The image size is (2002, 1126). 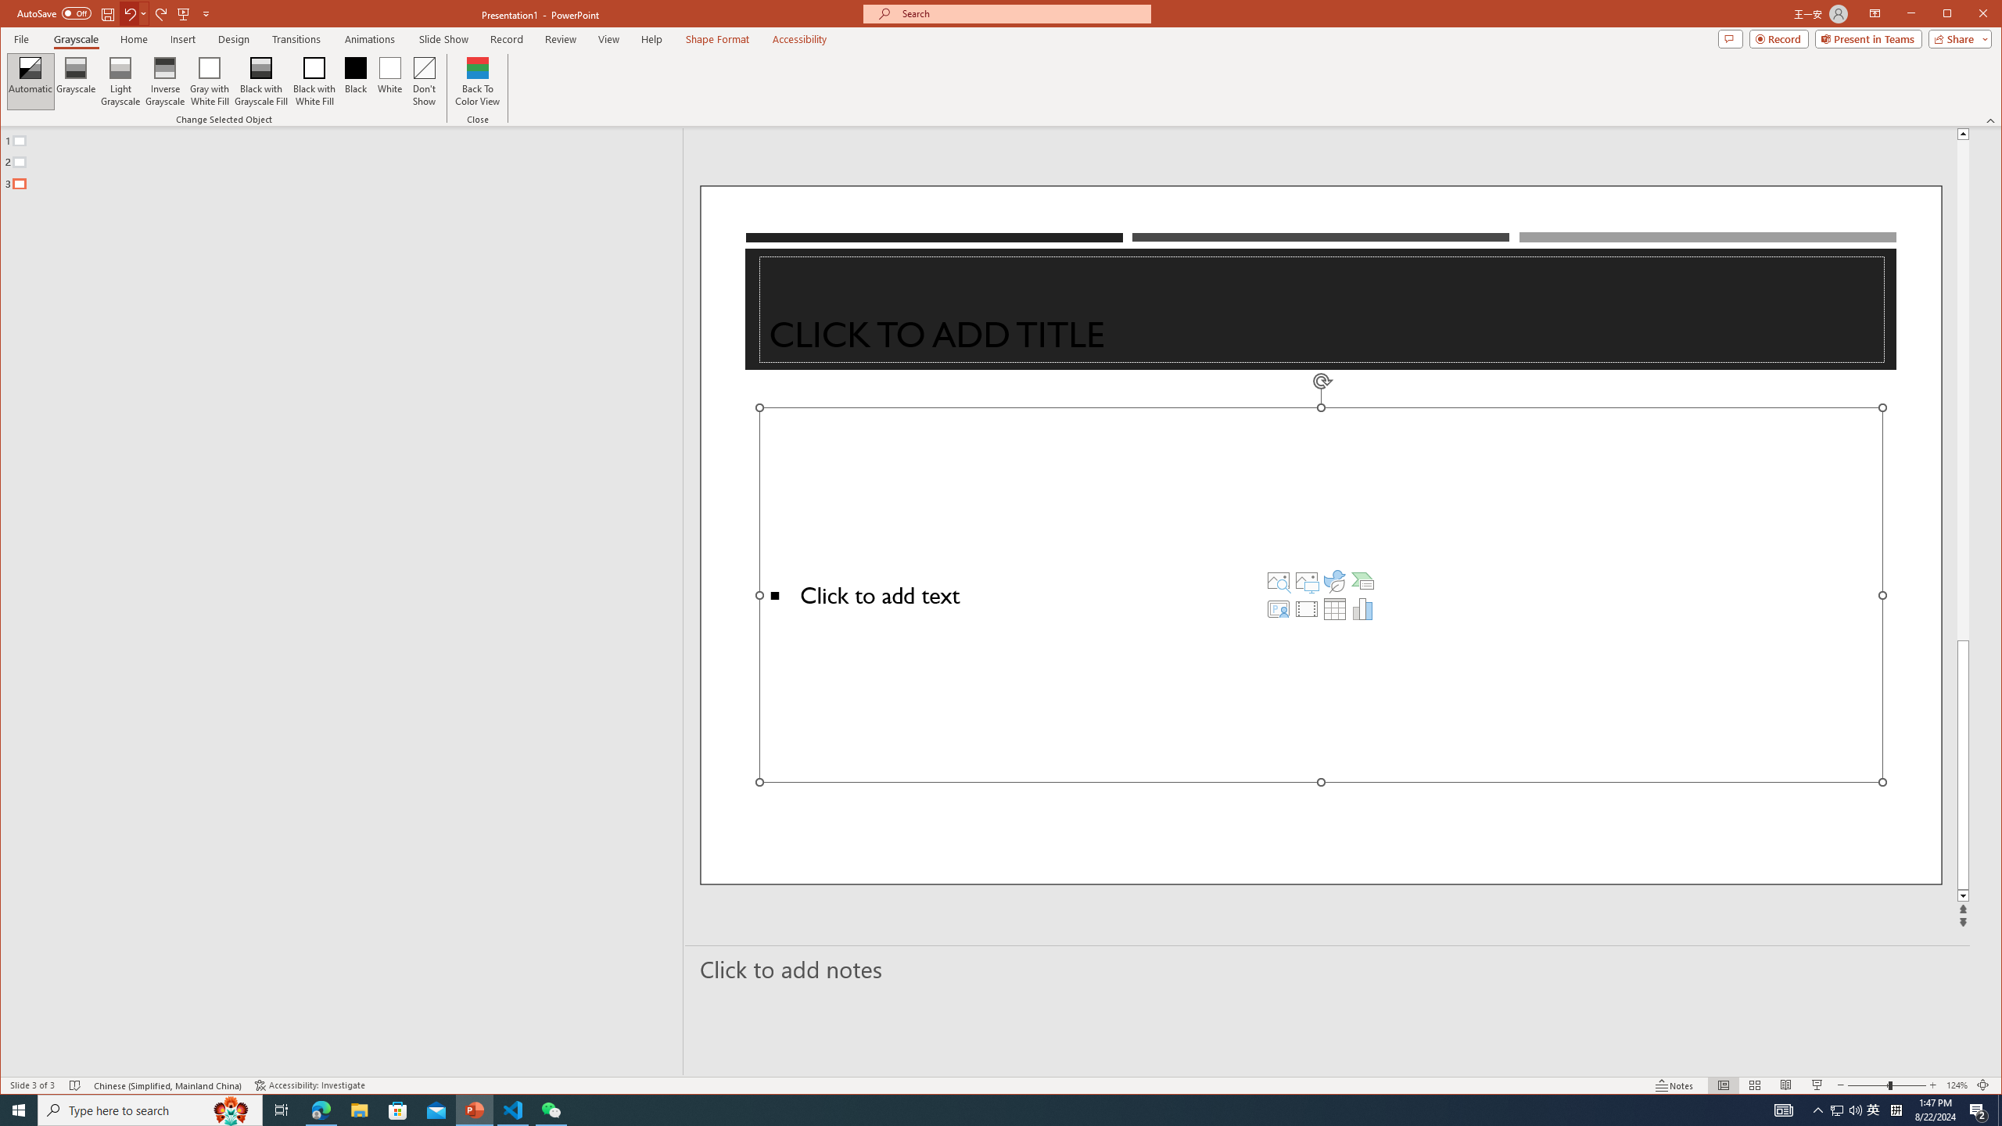 What do you see at coordinates (1278, 608) in the screenshot?
I see `'Insert Cameo'` at bounding box center [1278, 608].